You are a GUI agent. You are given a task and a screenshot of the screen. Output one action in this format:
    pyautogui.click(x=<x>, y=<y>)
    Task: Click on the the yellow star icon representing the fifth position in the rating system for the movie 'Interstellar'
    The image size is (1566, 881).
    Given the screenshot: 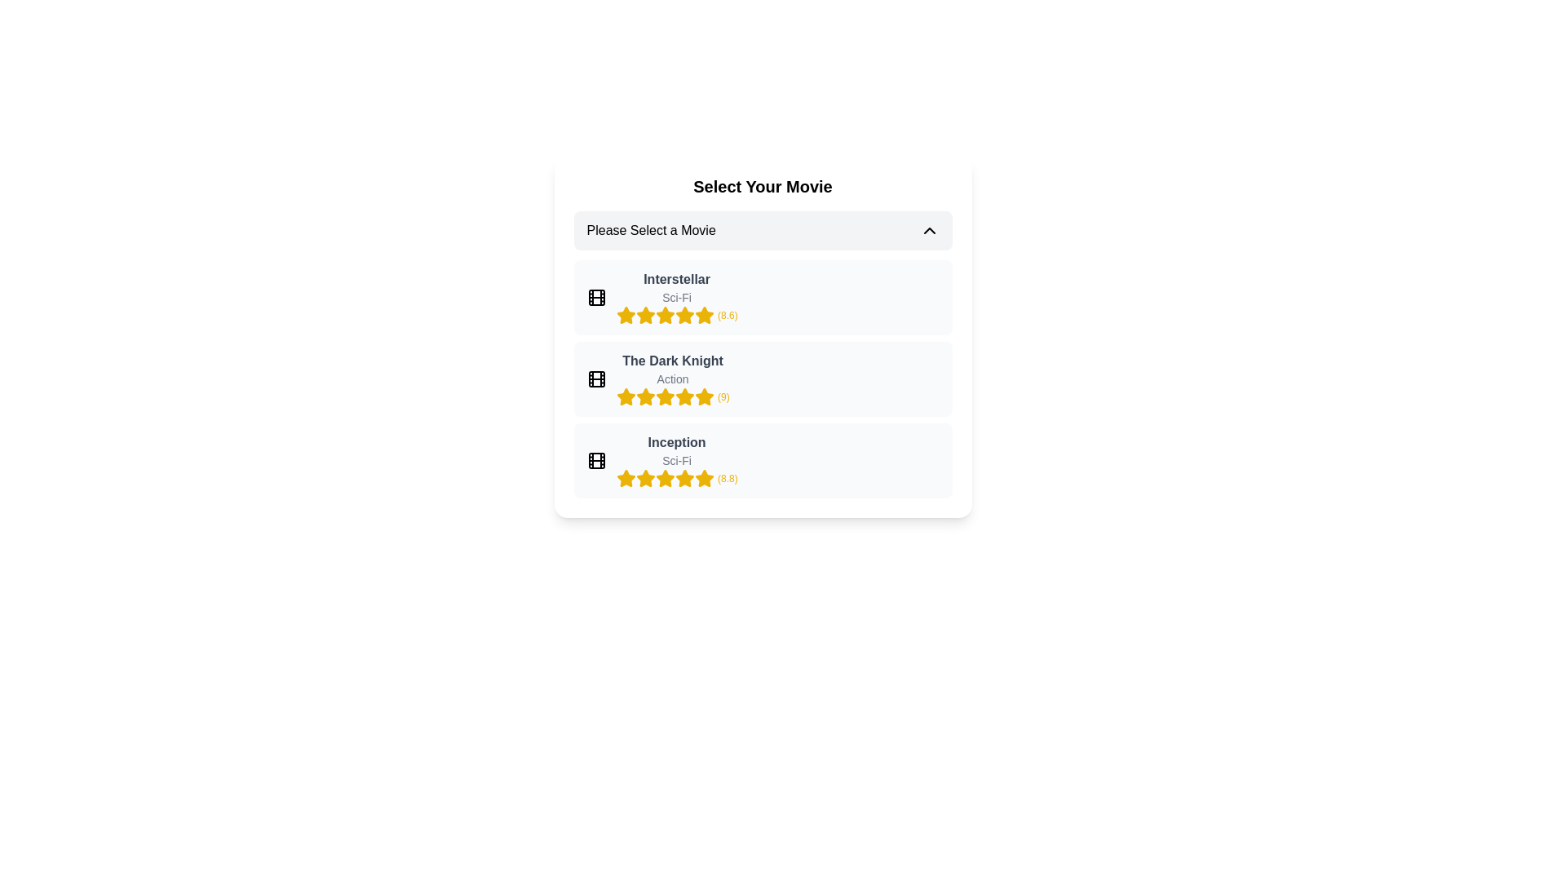 What is the action you would take?
    pyautogui.click(x=665, y=315)
    